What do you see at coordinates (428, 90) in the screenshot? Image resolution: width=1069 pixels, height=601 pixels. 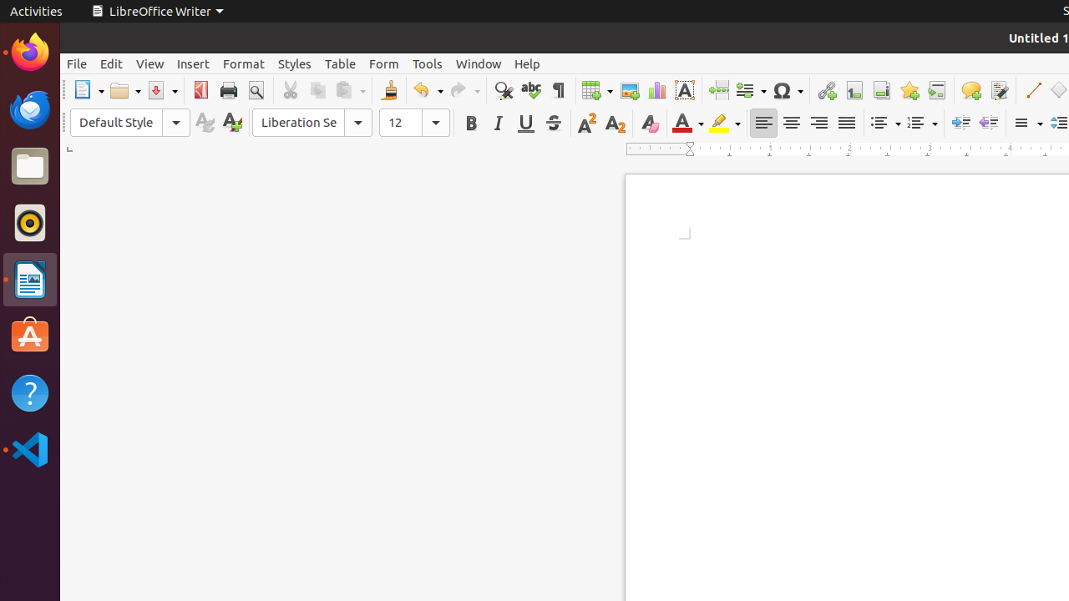 I see `'Undo'` at bounding box center [428, 90].